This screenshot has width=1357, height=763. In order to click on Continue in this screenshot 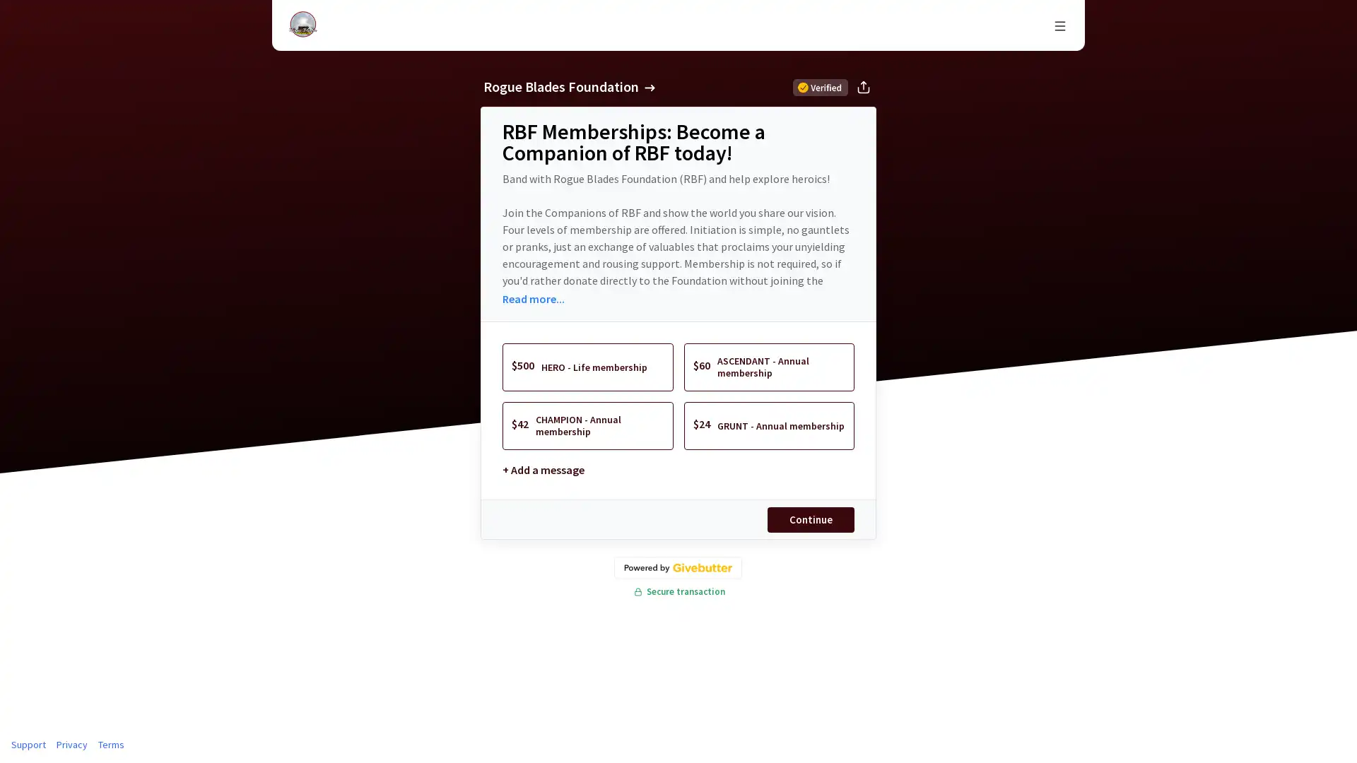, I will do `click(811, 520)`.